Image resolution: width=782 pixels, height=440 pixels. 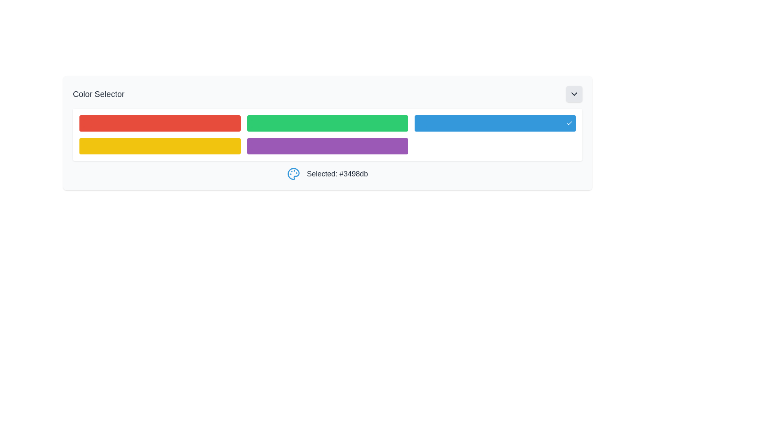 What do you see at coordinates (327, 145) in the screenshot?
I see `the purple button located in the second row and second column of the grid layout` at bounding box center [327, 145].